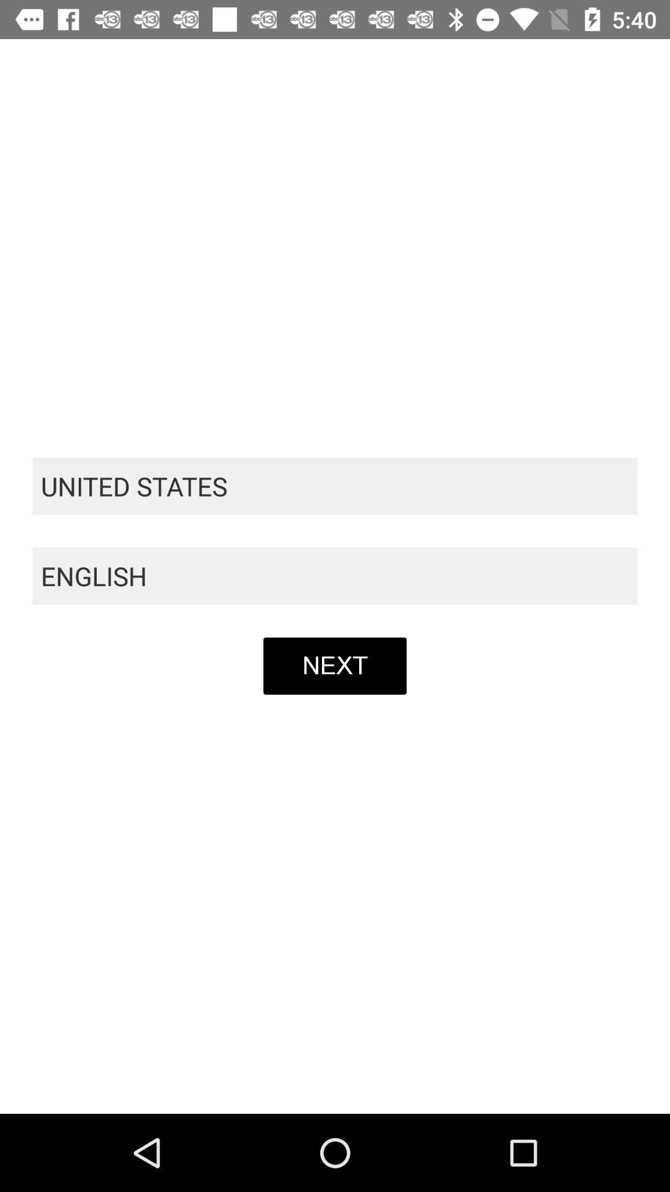  I want to click on item below the united states, so click(335, 576).